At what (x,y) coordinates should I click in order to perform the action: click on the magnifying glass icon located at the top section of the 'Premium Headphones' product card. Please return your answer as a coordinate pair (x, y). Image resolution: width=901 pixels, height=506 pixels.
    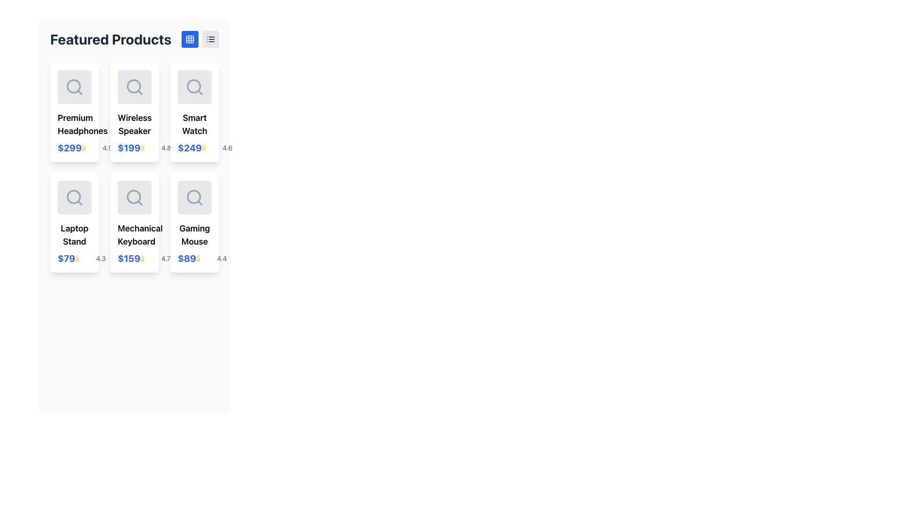
    Looking at the image, I should click on (74, 87).